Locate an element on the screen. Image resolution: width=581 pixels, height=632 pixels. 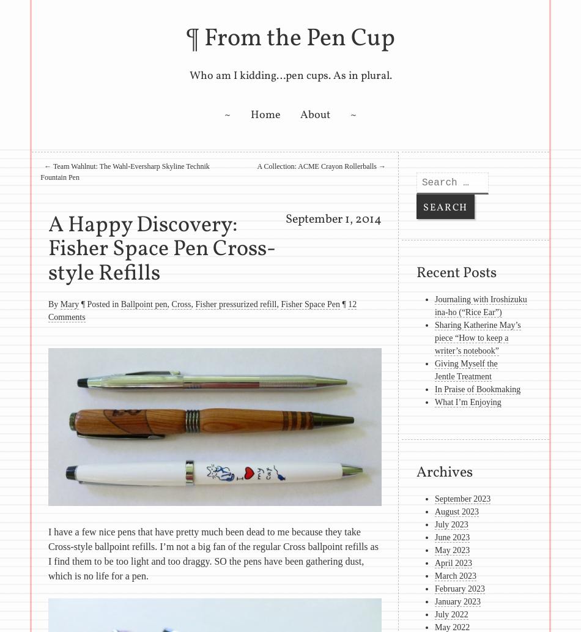
'Team Wahlnut: The Wahl-Eversharp Skyline Technik Fountain Pen' is located at coordinates (40, 171).